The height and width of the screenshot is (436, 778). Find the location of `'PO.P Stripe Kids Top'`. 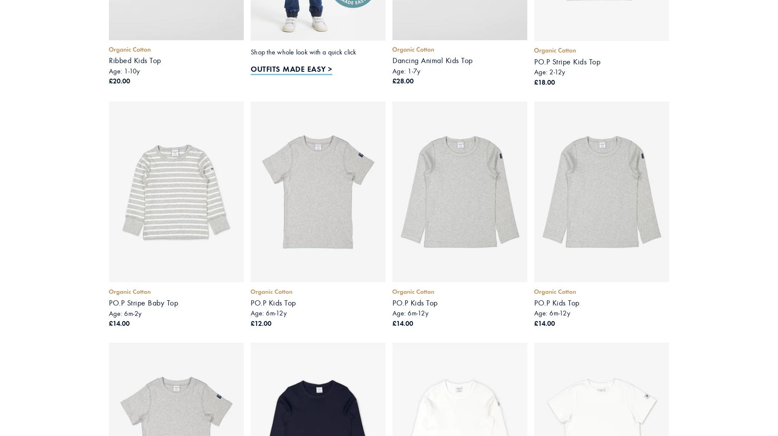

'PO.P Stripe Kids Top' is located at coordinates (567, 61).